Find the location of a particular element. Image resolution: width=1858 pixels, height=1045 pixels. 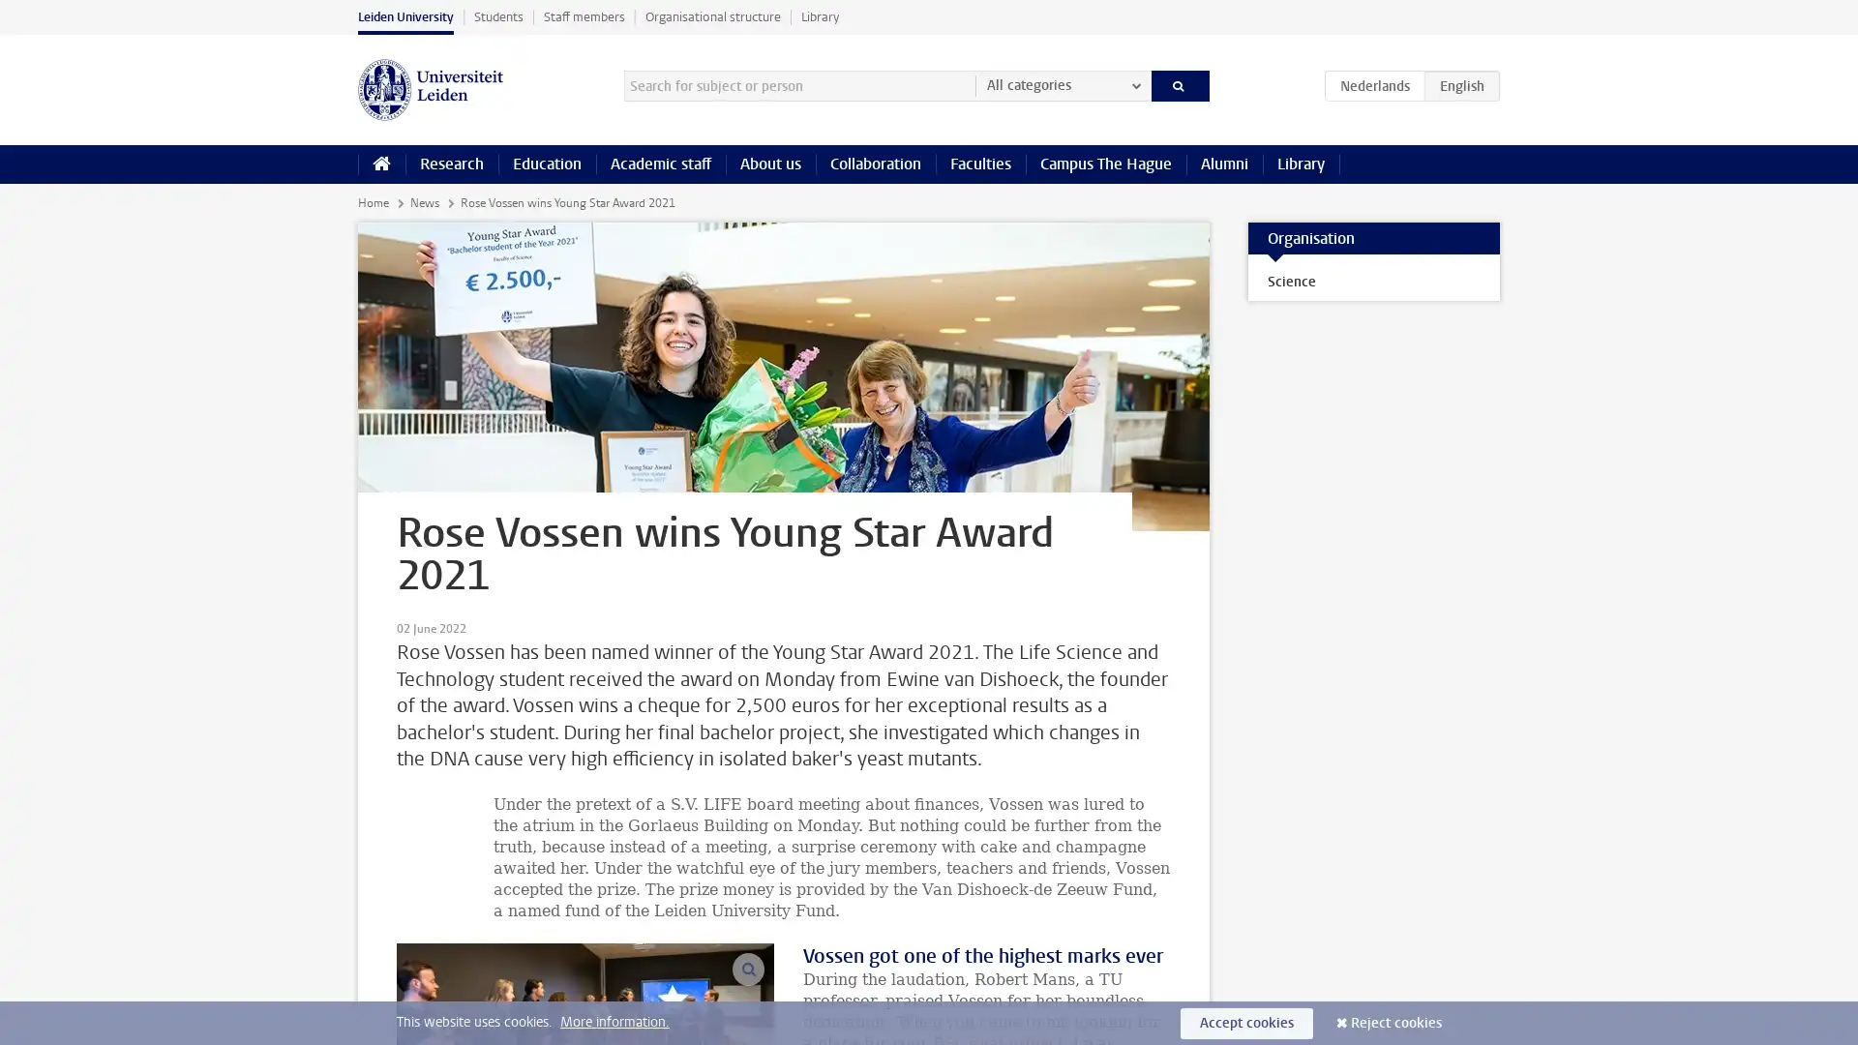

Reject cookies is located at coordinates (1396, 1022).